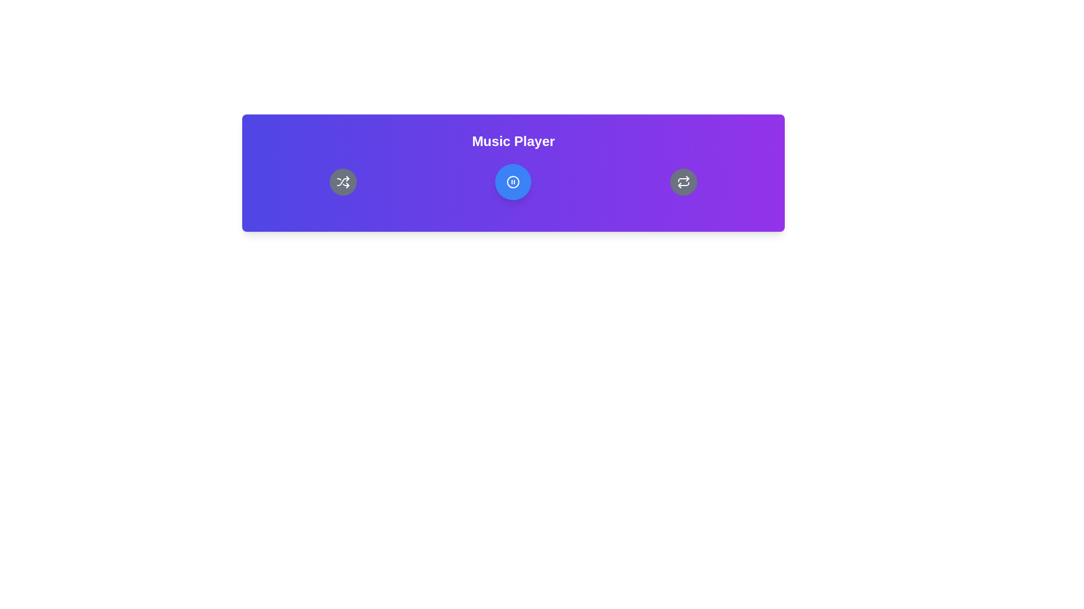 This screenshot has width=1084, height=609. What do you see at coordinates (683, 182) in the screenshot?
I see `the repeat icon button, which is styled as two arrows forming a loop, located on the right-hand side of the 'Music Player' horizontal bar` at bounding box center [683, 182].